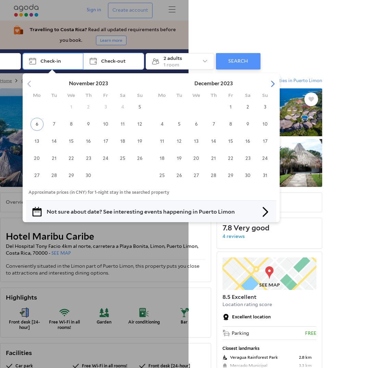 This screenshot has width=388, height=368. What do you see at coordinates (227, 227) in the screenshot?
I see `'7.8'` at bounding box center [227, 227].